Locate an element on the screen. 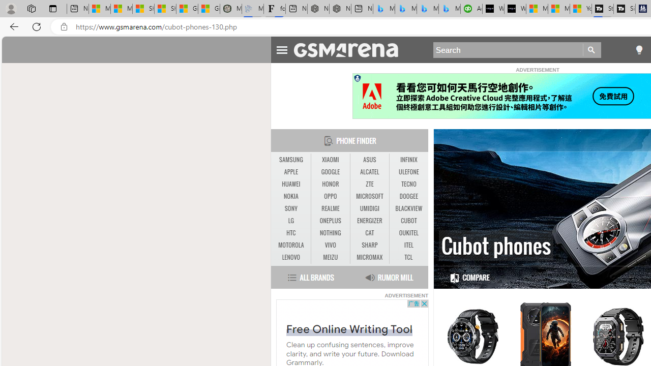 The width and height of the screenshot is (651, 366). 'OUKITEL' is located at coordinates (408, 233).